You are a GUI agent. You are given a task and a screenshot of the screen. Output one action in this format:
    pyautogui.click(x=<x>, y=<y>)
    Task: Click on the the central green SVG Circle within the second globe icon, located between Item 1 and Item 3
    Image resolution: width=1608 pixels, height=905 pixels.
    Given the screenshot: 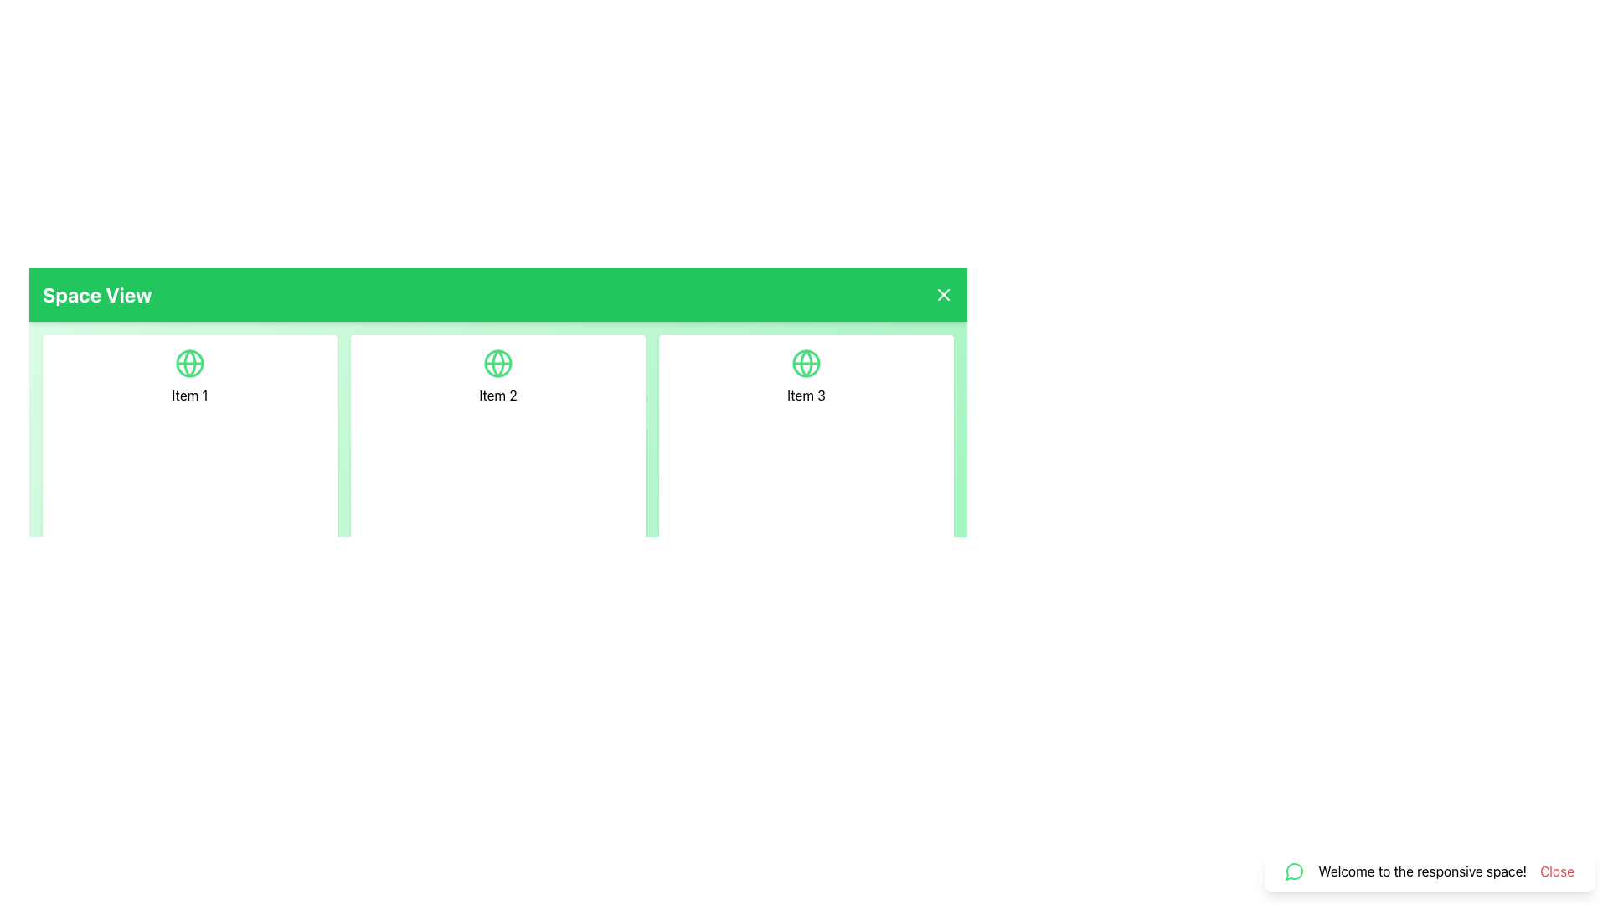 What is the action you would take?
    pyautogui.click(x=497, y=363)
    